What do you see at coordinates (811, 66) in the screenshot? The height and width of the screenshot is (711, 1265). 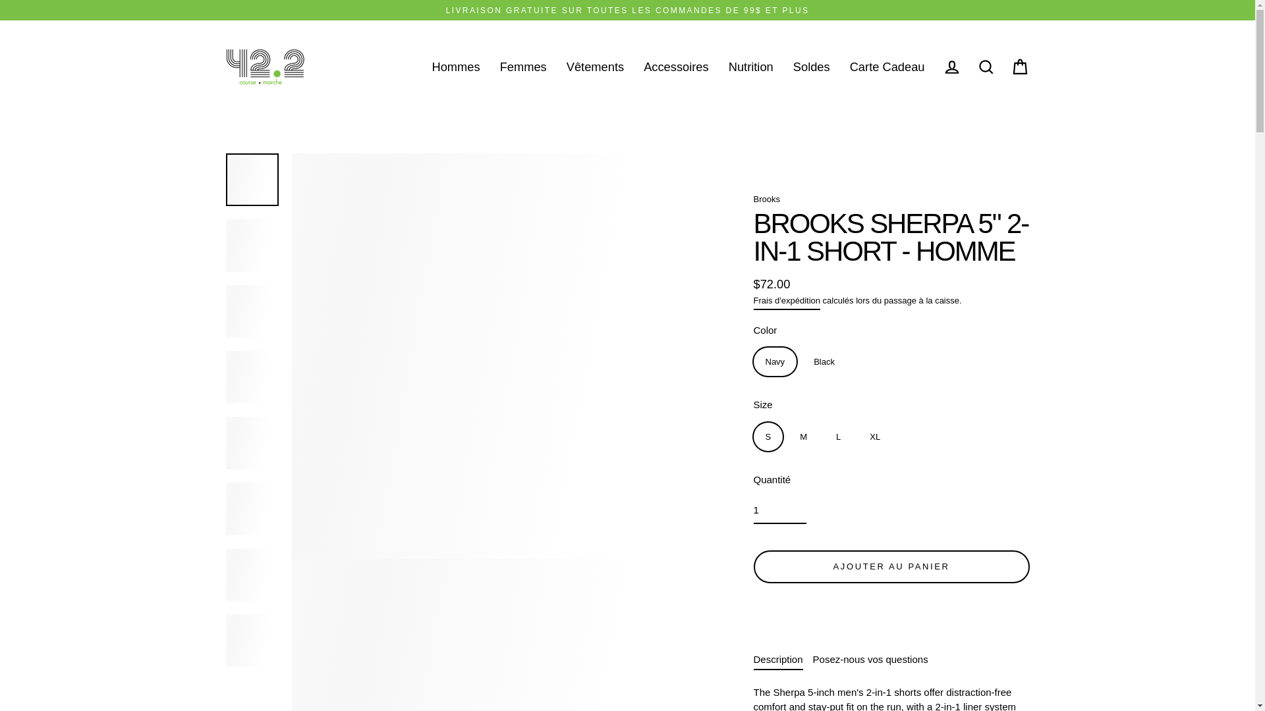 I see `'Soldes'` at bounding box center [811, 66].